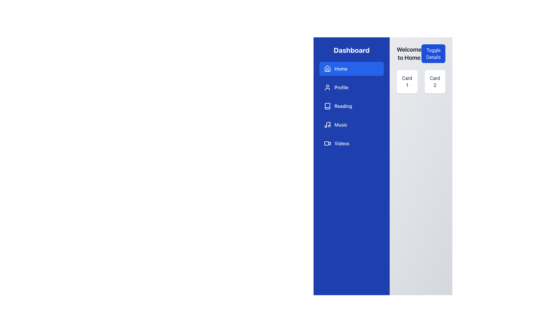 Image resolution: width=560 pixels, height=315 pixels. Describe the element at coordinates (351, 50) in the screenshot. I see `the 'Dashboard' text label, which is a bold, large font in white on a blue background, located at the top of the vertical navigation panel on the left side of the interface` at that location.